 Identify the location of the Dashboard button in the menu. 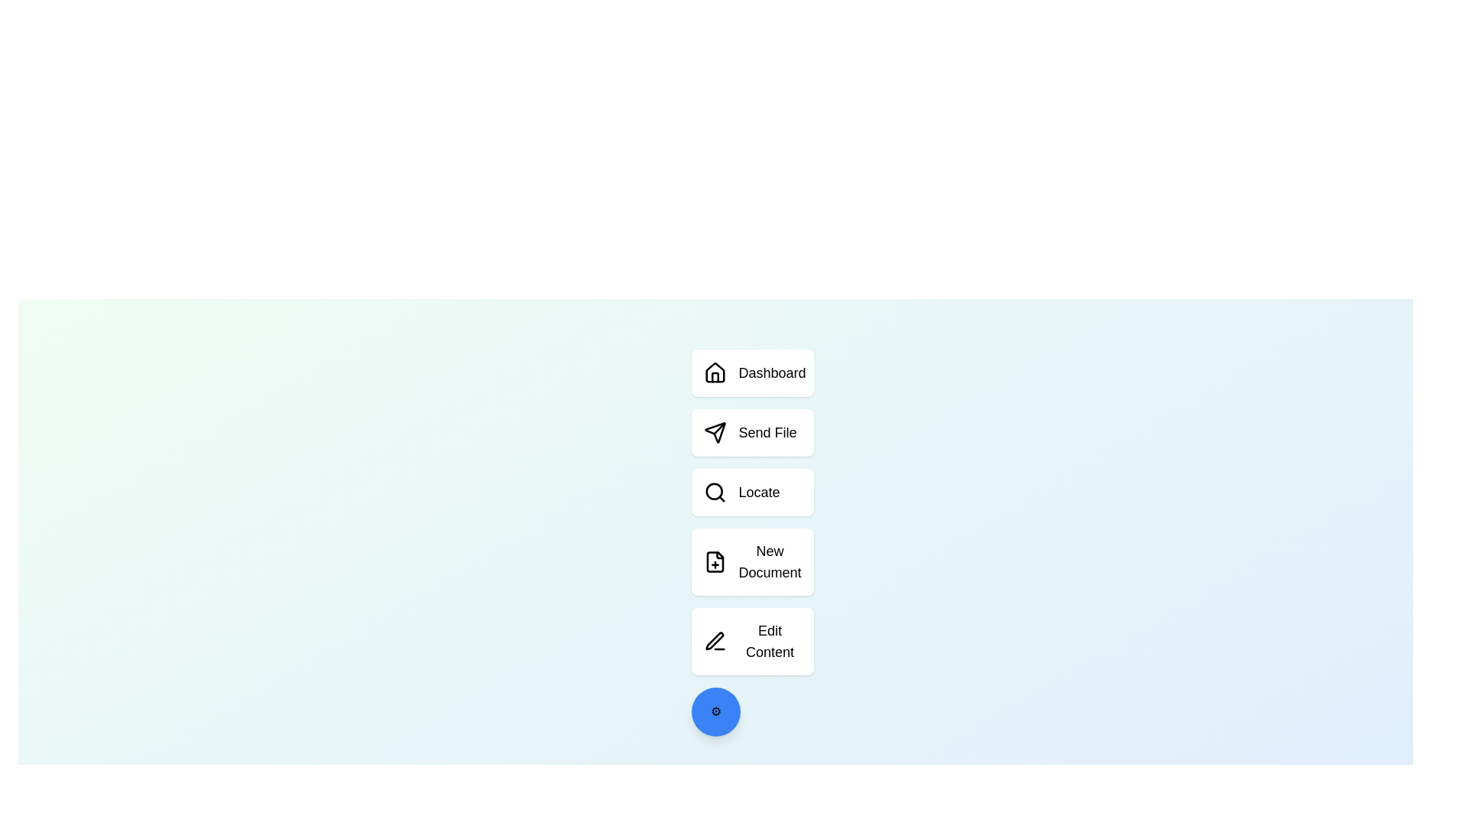
(752, 373).